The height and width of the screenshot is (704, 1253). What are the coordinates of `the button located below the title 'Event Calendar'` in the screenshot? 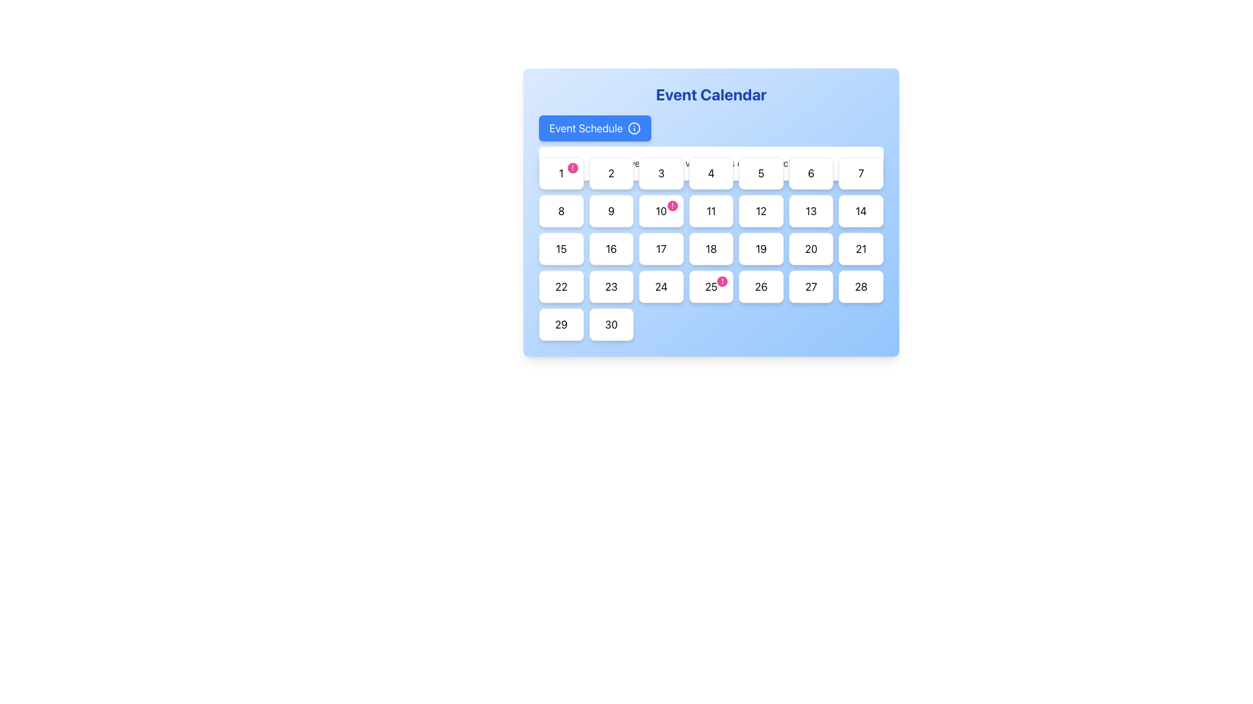 It's located at (595, 128).